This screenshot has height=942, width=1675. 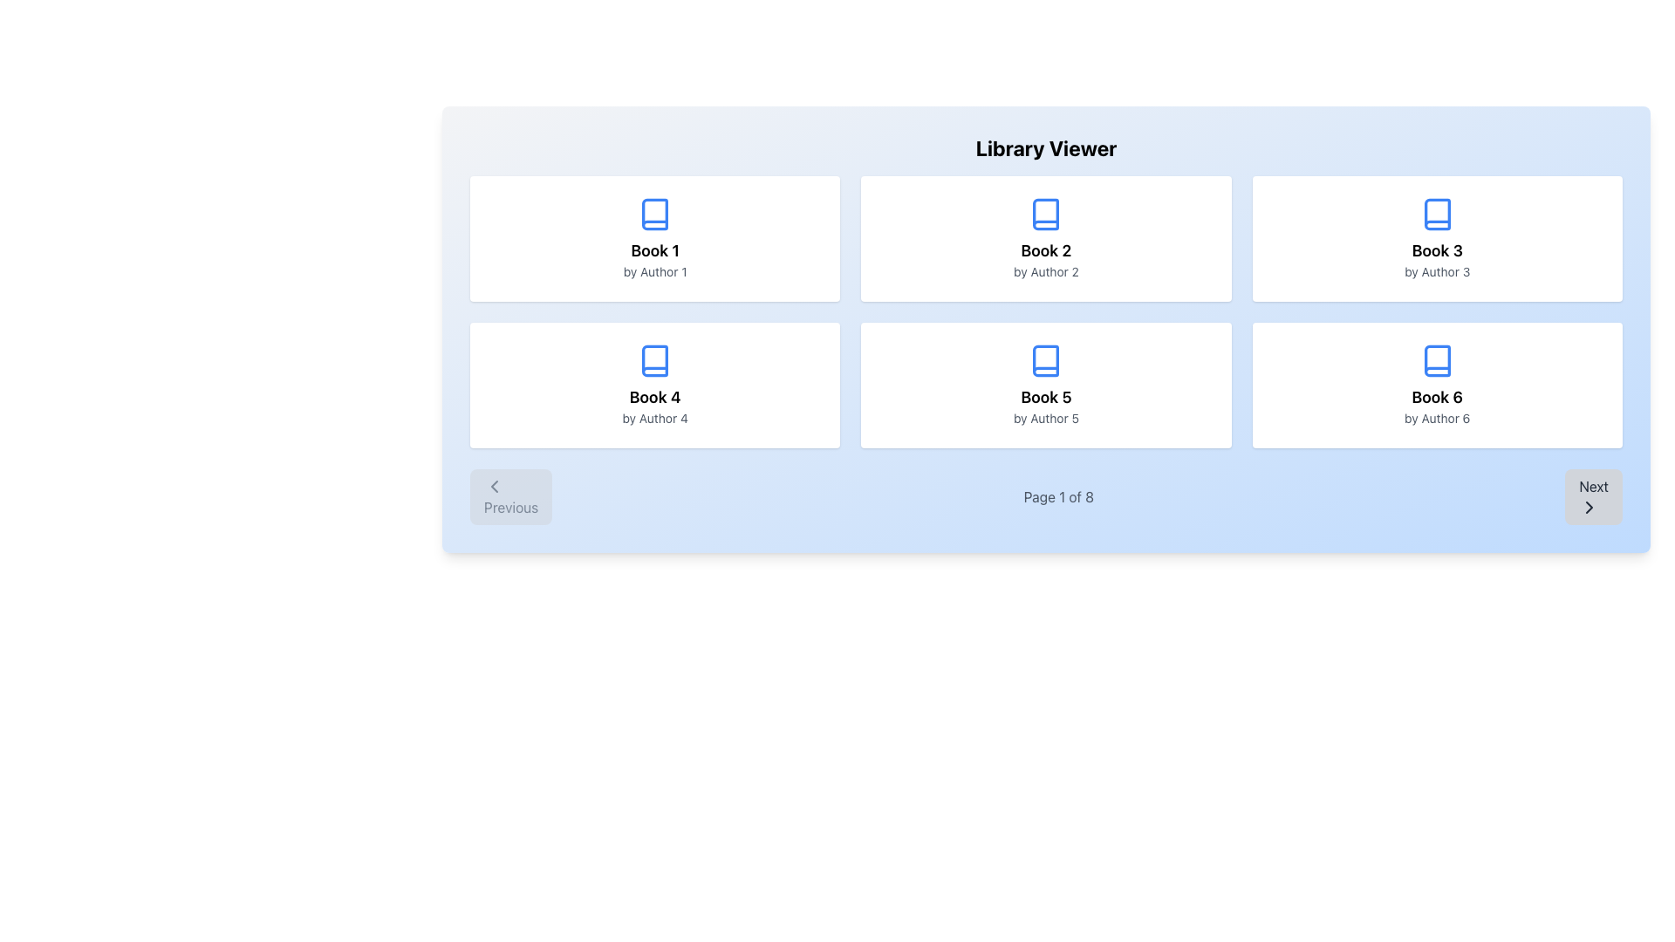 What do you see at coordinates (1046, 214) in the screenshot?
I see `the book icon located at the top center of the 'Book 2' card in the first row, middle column` at bounding box center [1046, 214].